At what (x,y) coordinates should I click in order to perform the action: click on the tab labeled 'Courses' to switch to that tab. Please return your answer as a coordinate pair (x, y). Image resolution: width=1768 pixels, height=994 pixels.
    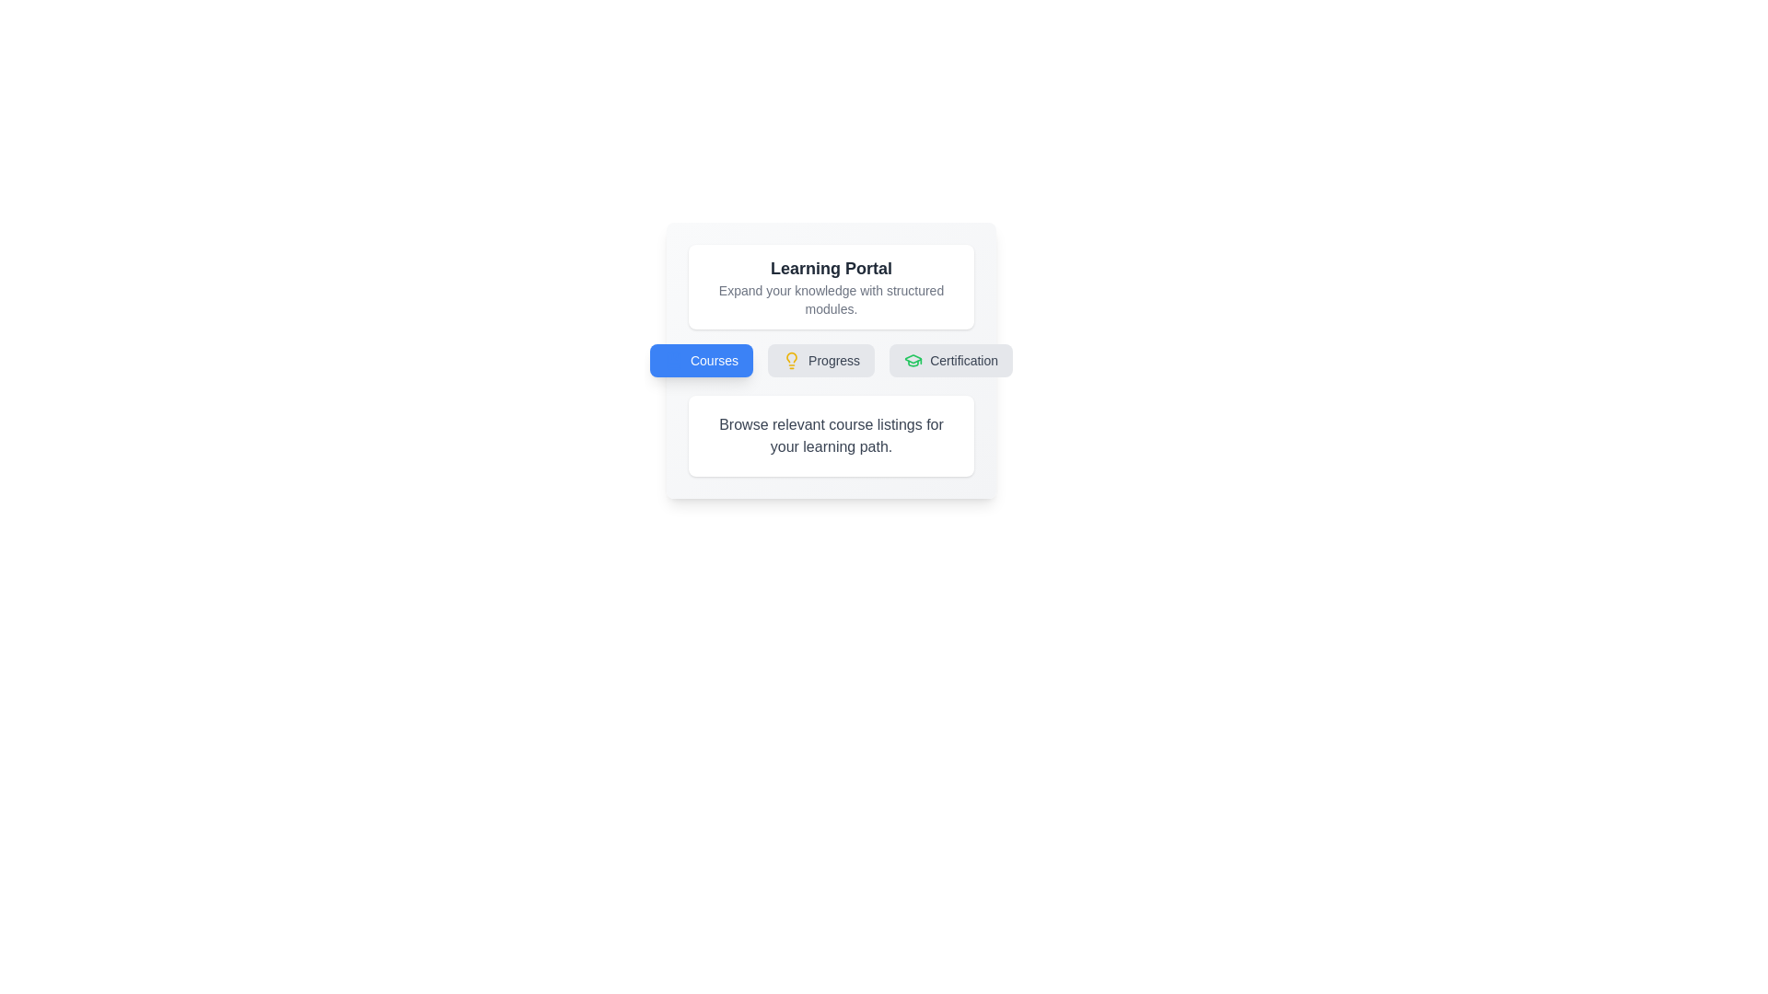
    Looking at the image, I should click on (701, 361).